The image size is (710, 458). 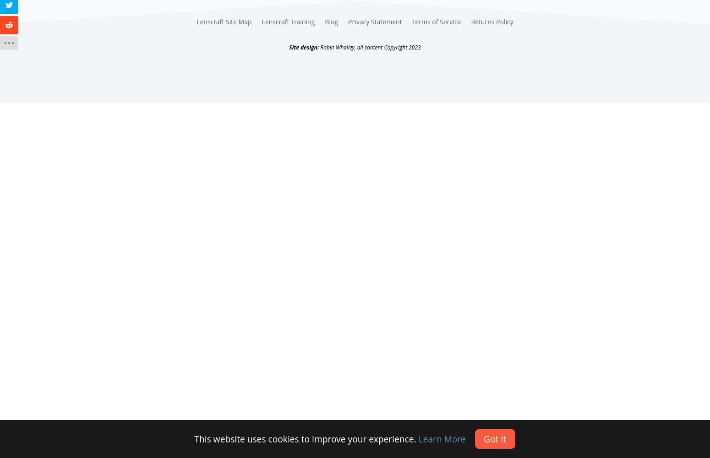 I want to click on 'Privacy Statement', so click(x=374, y=22).